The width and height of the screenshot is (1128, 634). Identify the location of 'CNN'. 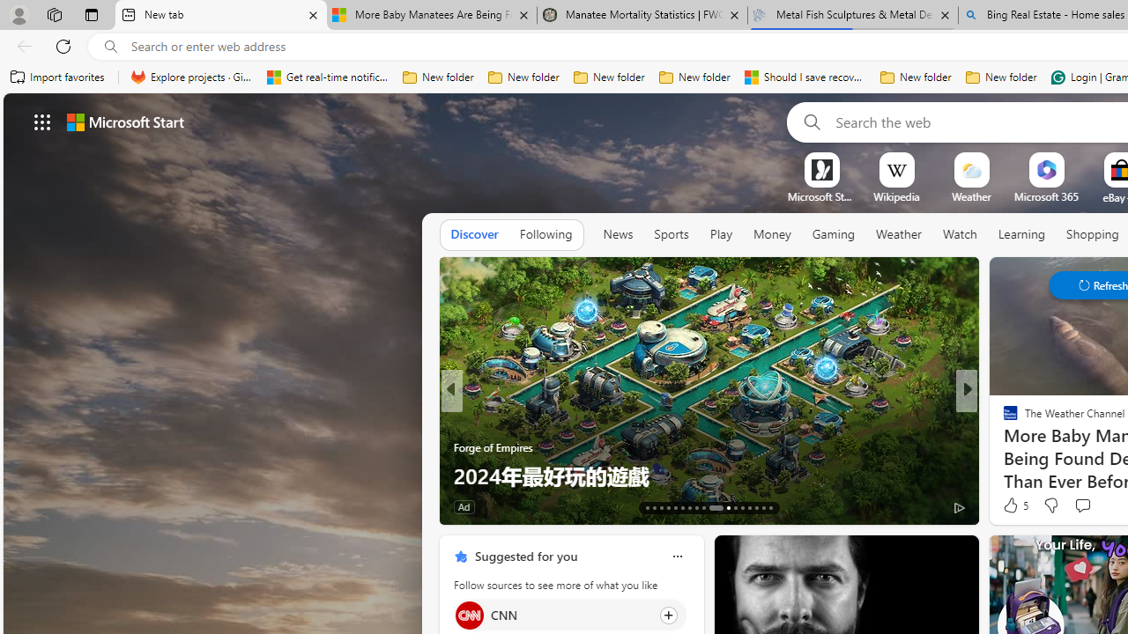
(469, 614).